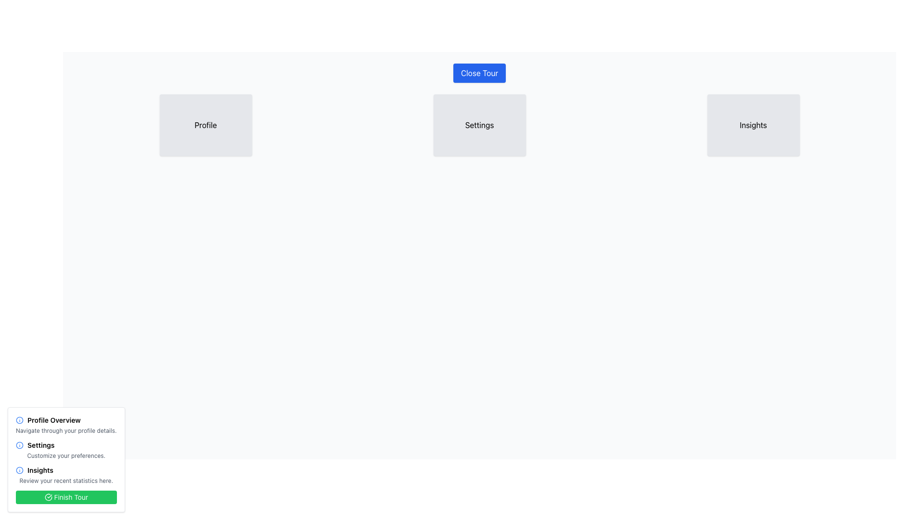 The height and width of the screenshot is (520, 924). I want to click on the second item in the vertical list of the settings popup, which provides descriptive information about customizing preferences, so click(65, 450).